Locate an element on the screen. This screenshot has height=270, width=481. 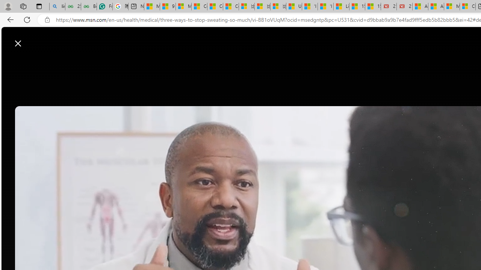
'Class: control icon-only' is located at coordinates (18, 43).